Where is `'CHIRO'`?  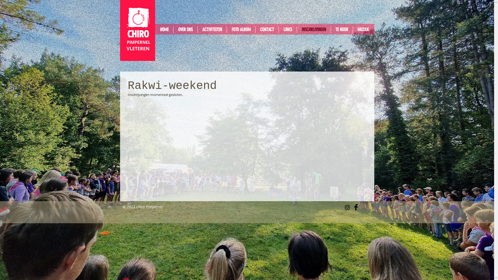 'CHIRO' is located at coordinates (138, 34).